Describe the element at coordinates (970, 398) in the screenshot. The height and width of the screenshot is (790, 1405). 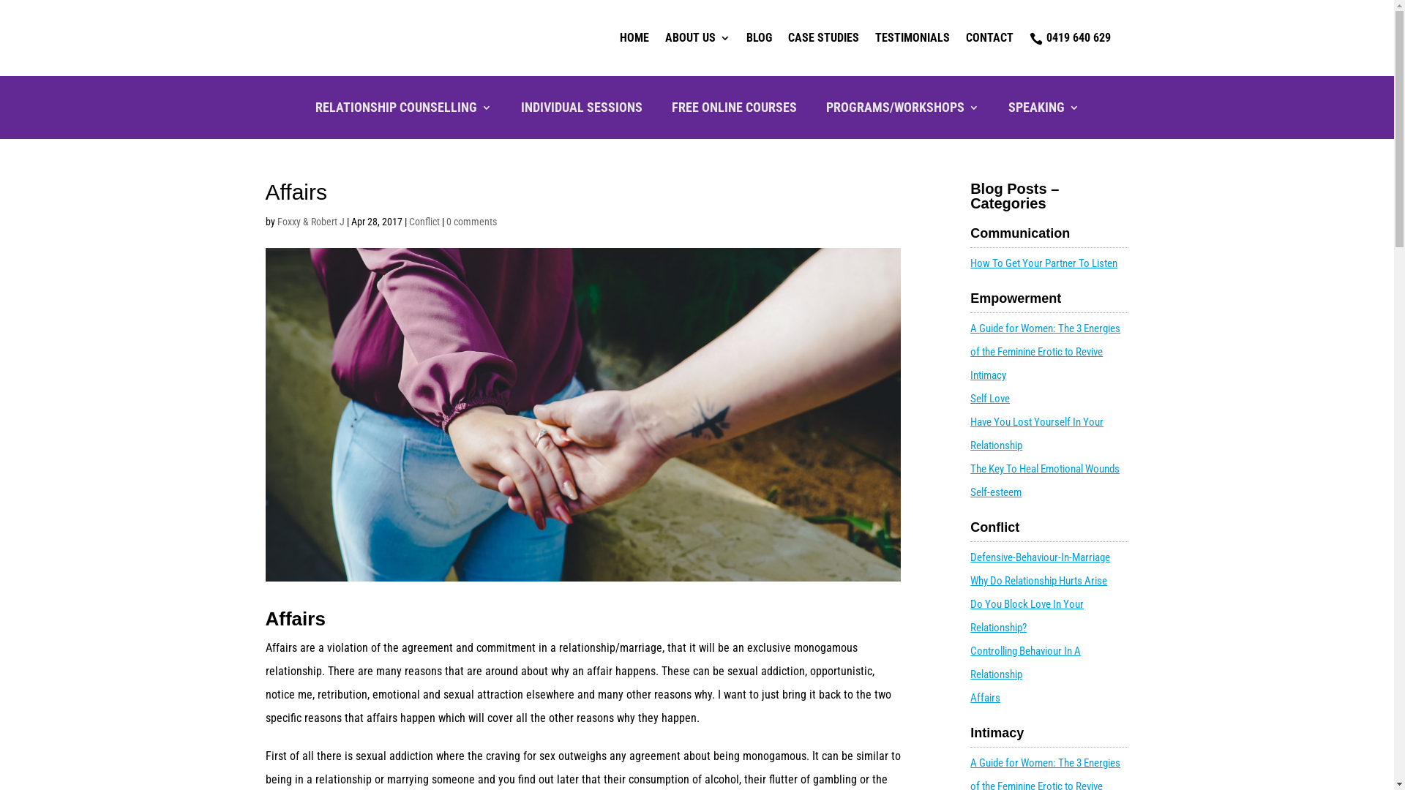
I see `'Self Love'` at that location.